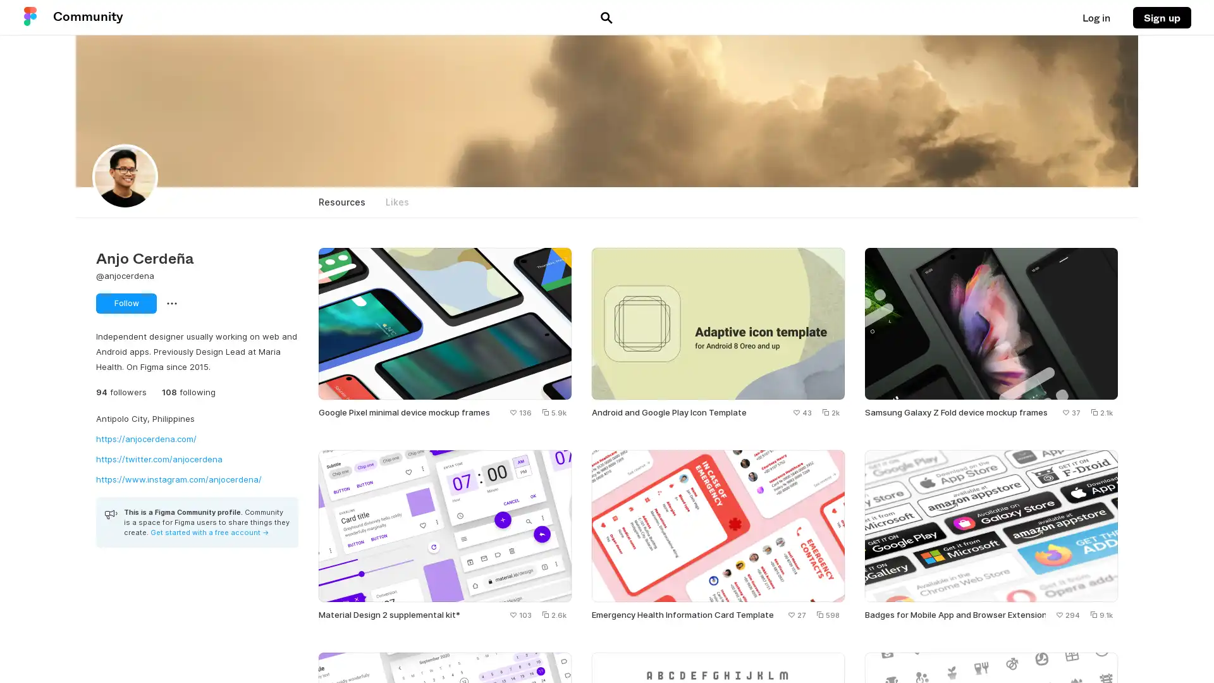  What do you see at coordinates (126, 303) in the screenshot?
I see `Follow` at bounding box center [126, 303].